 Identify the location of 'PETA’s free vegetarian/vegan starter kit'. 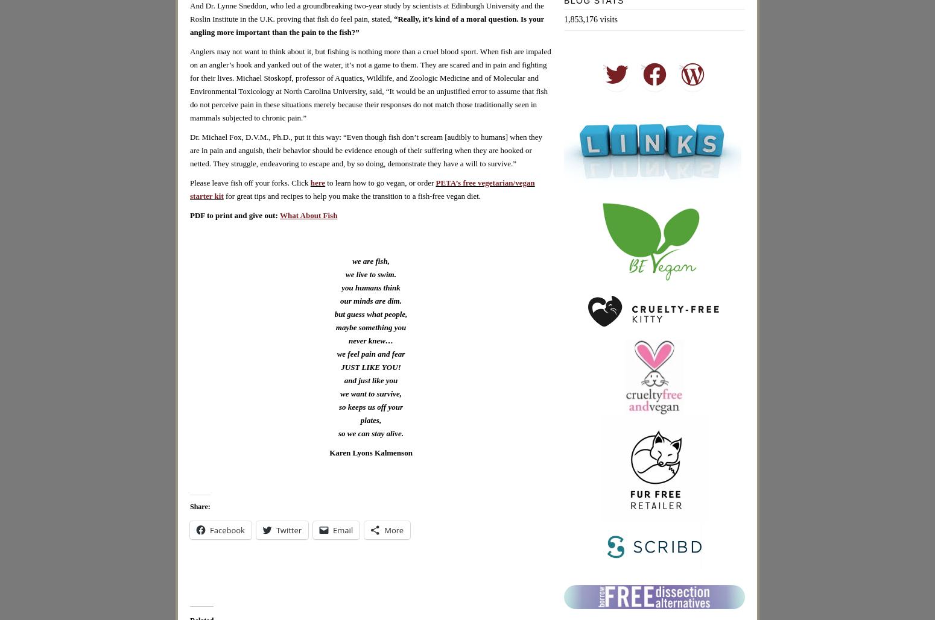
(362, 189).